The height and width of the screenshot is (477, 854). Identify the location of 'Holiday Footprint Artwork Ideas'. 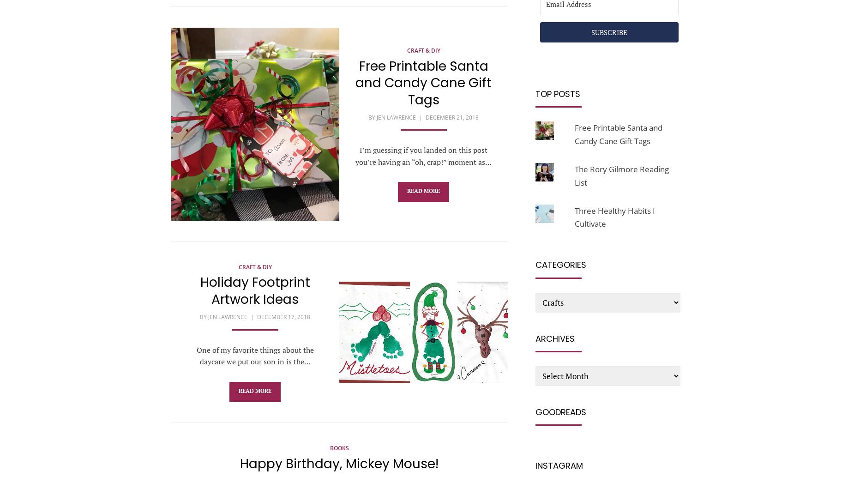
(255, 290).